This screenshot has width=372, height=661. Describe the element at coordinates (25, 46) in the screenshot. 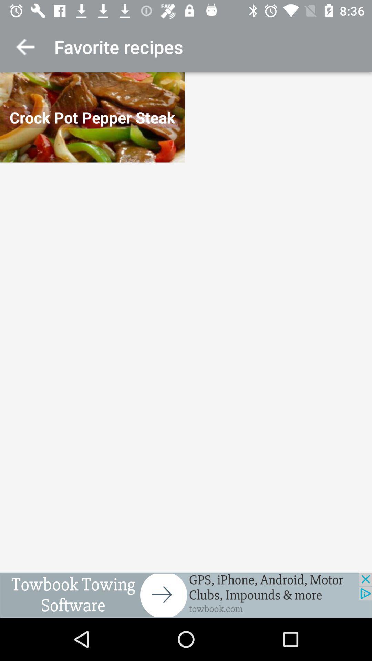

I see `navigate to previous screen` at that location.